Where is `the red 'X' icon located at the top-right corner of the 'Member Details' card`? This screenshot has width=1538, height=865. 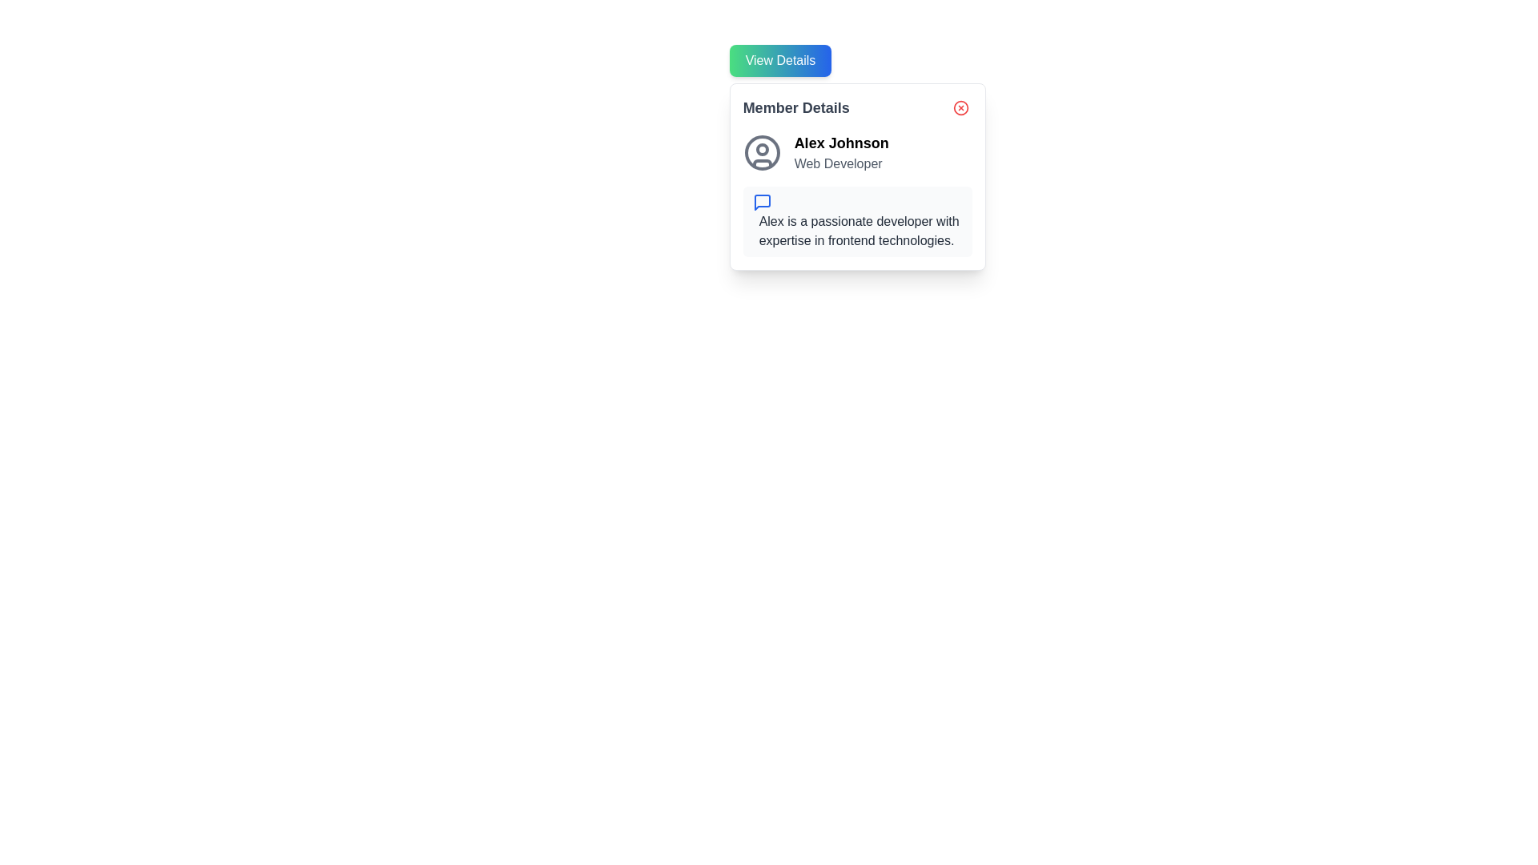
the red 'X' icon located at the top-right corner of the 'Member Details' card is located at coordinates (960, 108).